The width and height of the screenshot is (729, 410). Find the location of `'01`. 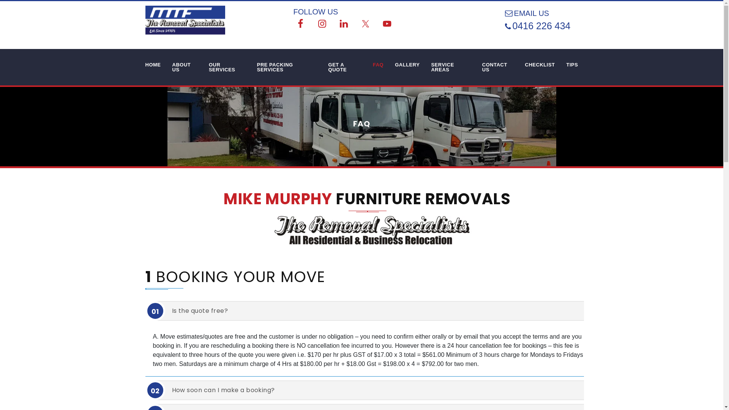

'01 is located at coordinates (373, 311).